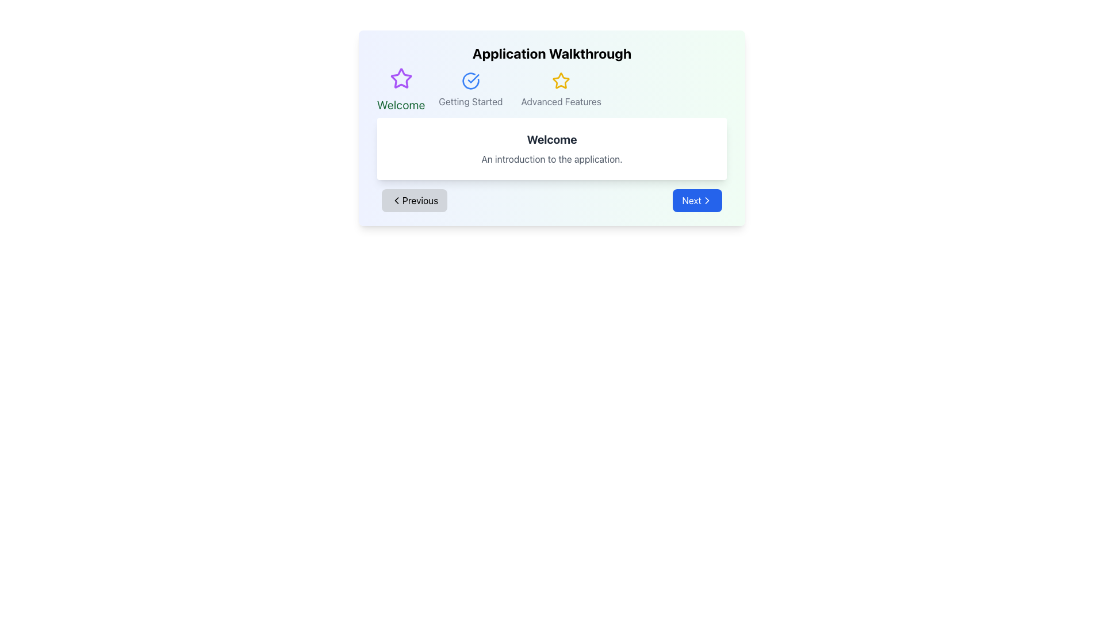 The image size is (1104, 621). What do you see at coordinates (470, 101) in the screenshot?
I see `the text label 'Getting Started', which is positioned centrally under a blue circular icon and between 'Welcome' and 'Advanced Features'` at bounding box center [470, 101].